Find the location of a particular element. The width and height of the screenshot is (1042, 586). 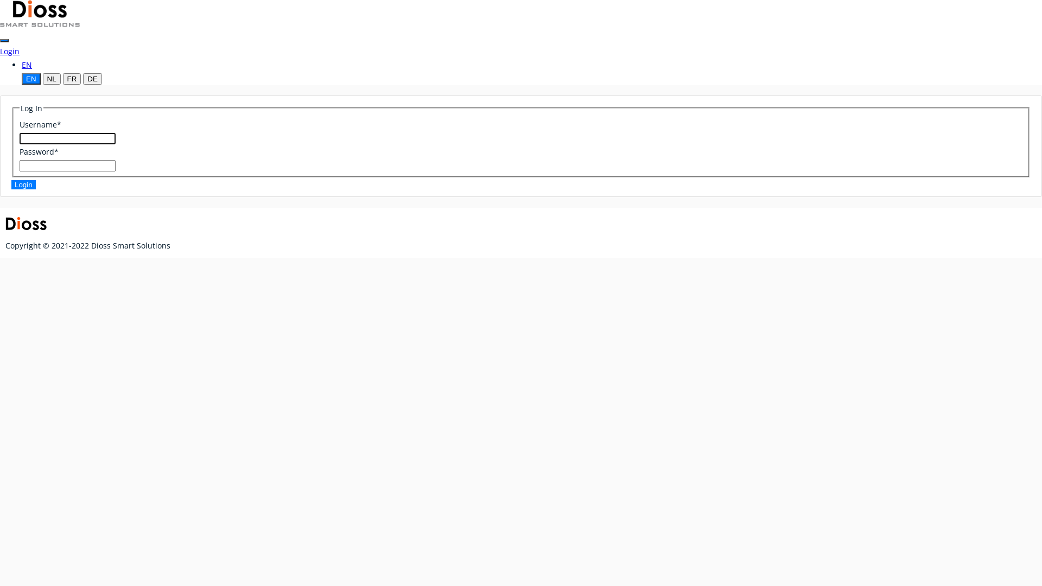

'License server version 1.0.1.1' is located at coordinates (40, 13).